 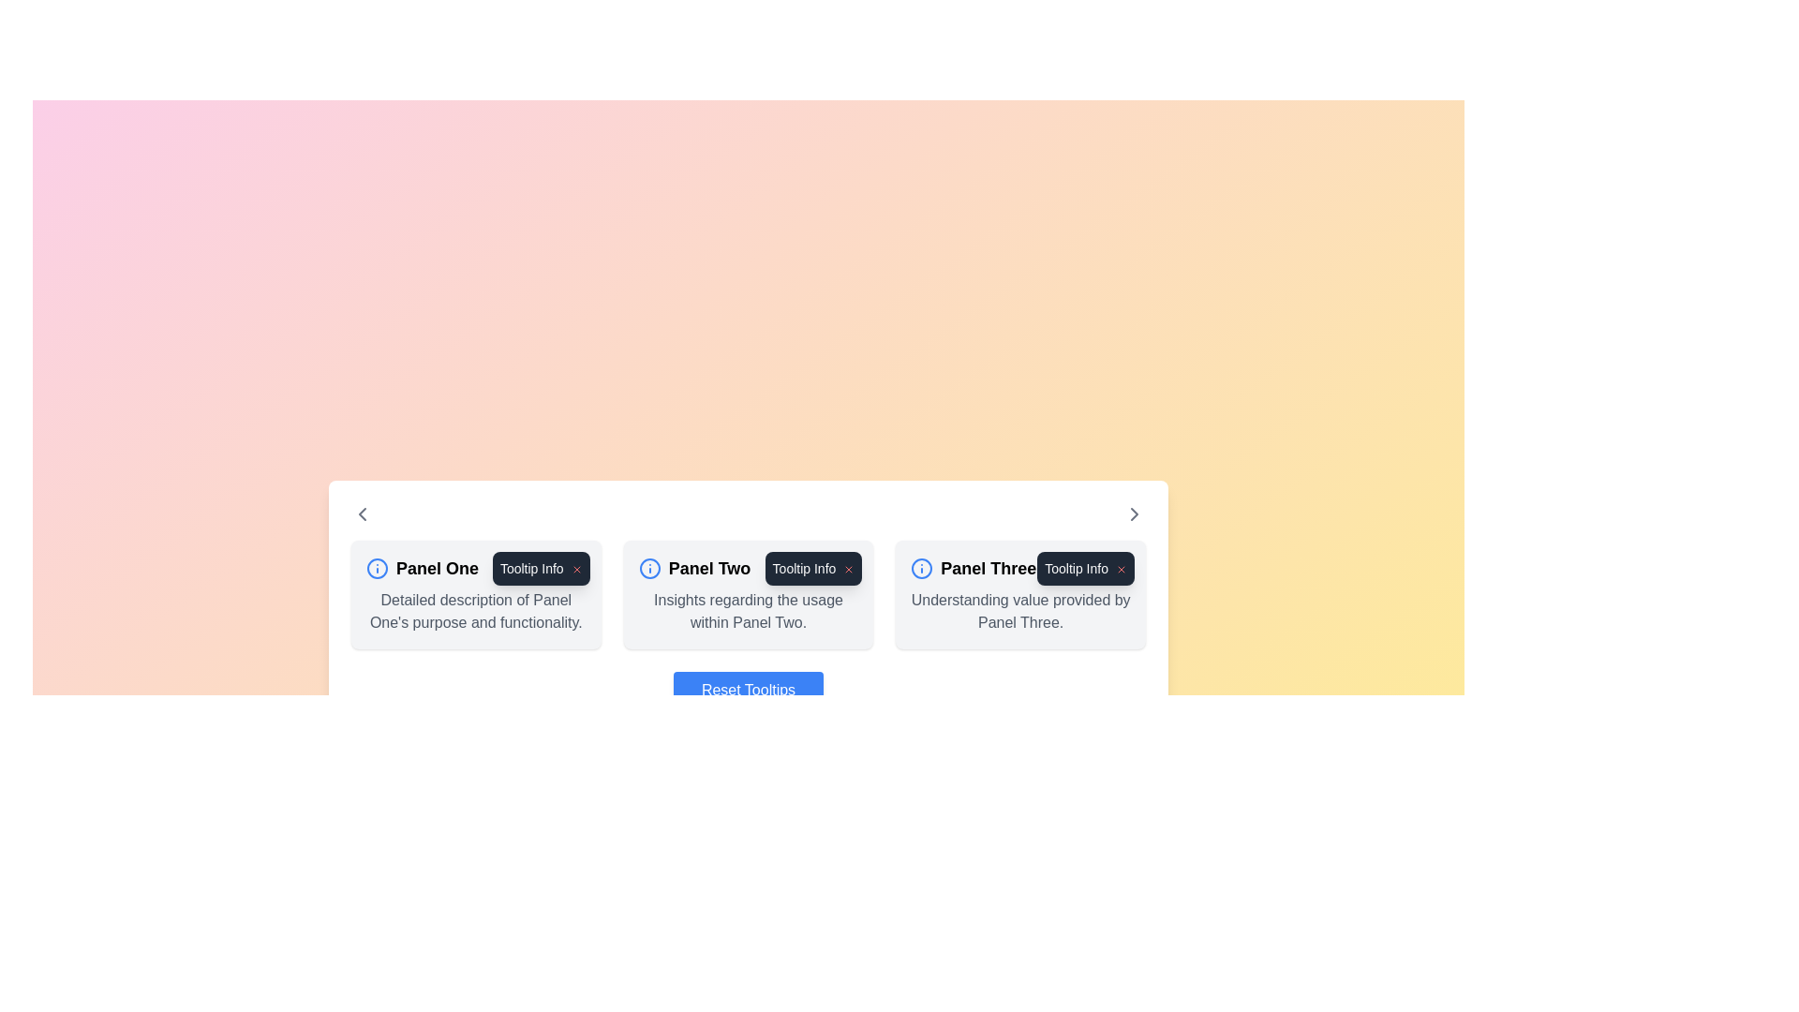 What do you see at coordinates (1133, 513) in the screenshot?
I see `the right-facing chevron button located at the far right of the layout to proceed to the next content` at bounding box center [1133, 513].